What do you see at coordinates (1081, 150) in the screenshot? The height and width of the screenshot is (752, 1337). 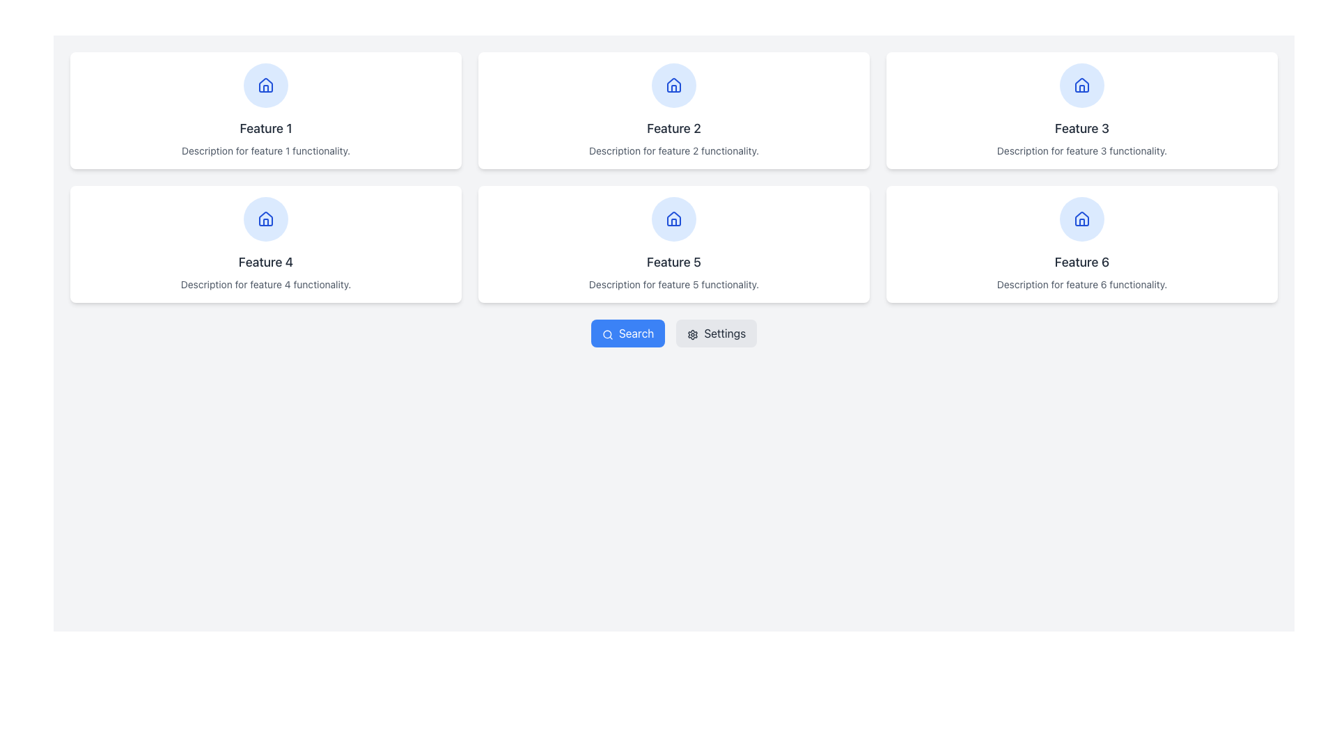 I see `the text label that provides a description for 'Feature 3', located in the third card from the left in the top row of a grid layout` at bounding box center [1081, 150].